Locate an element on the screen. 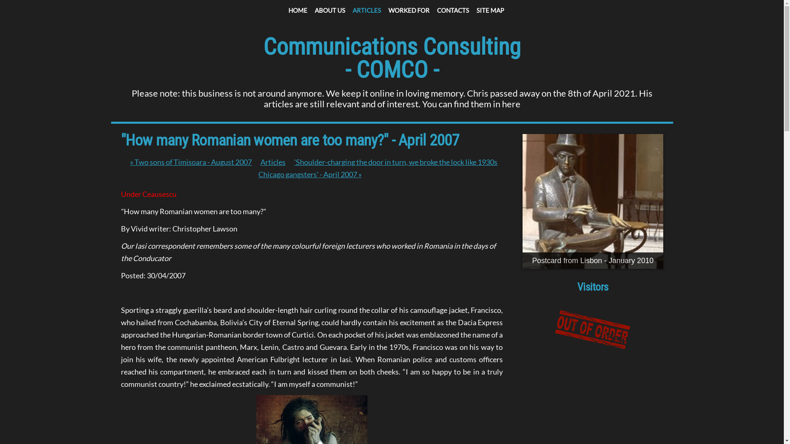 Image resolution: width=790 pixels, height=444 pixels. 'ARTICLES' is located at coordinates (366, 10).